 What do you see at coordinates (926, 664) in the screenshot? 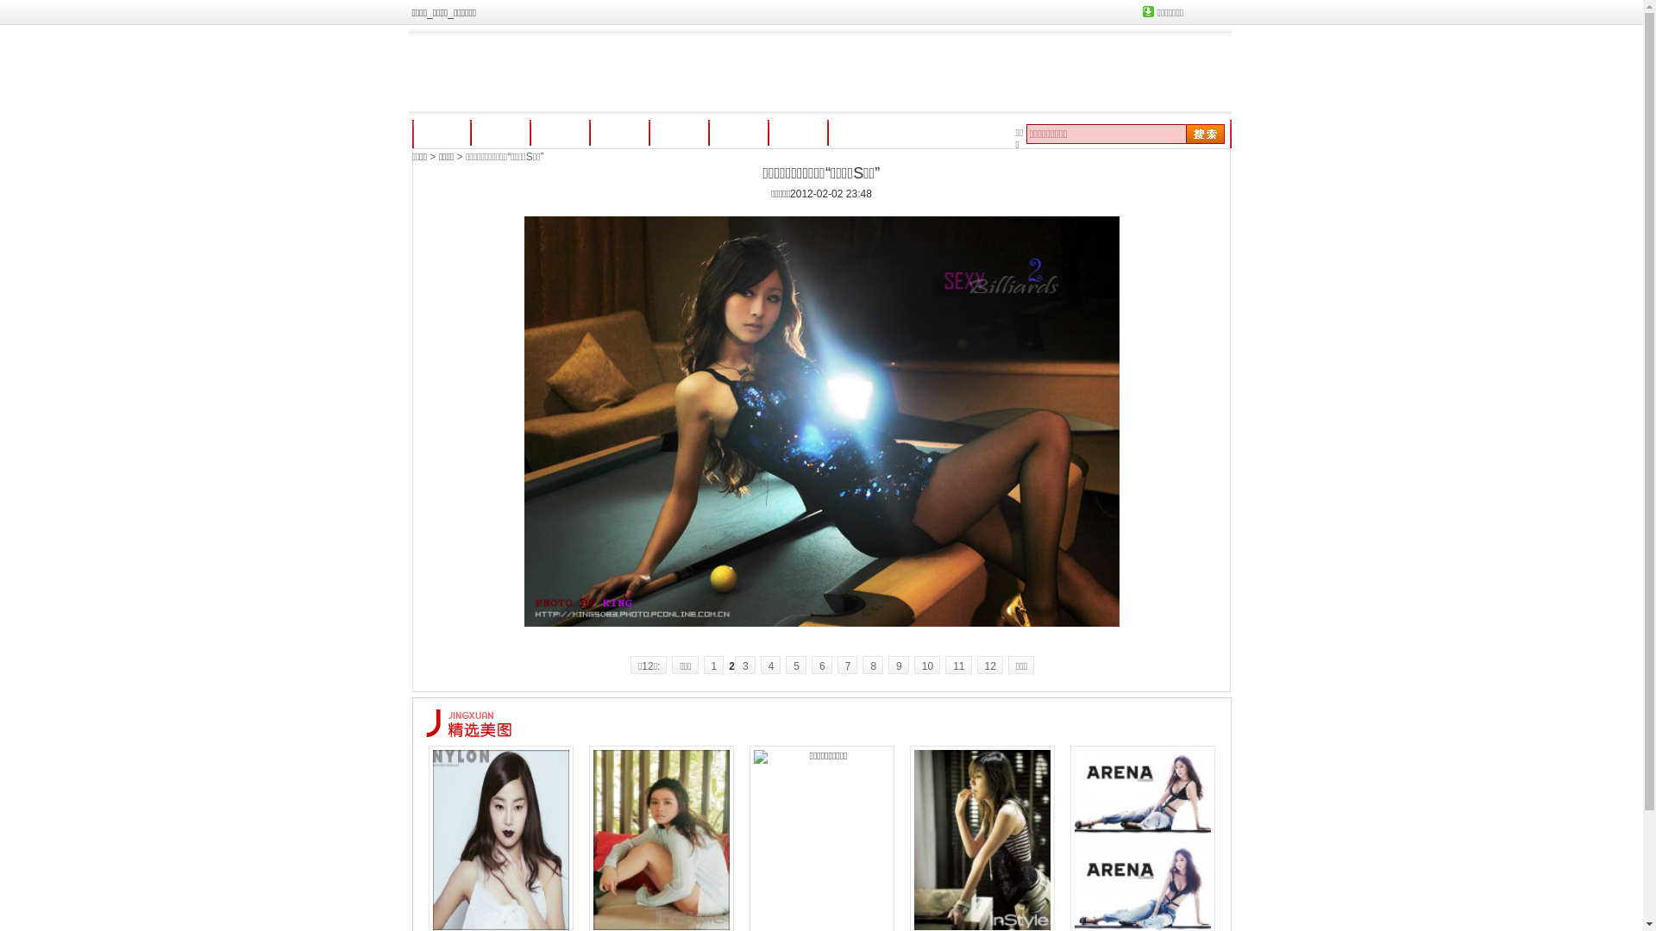
I see `'10'` at bounding box center [926, 664].